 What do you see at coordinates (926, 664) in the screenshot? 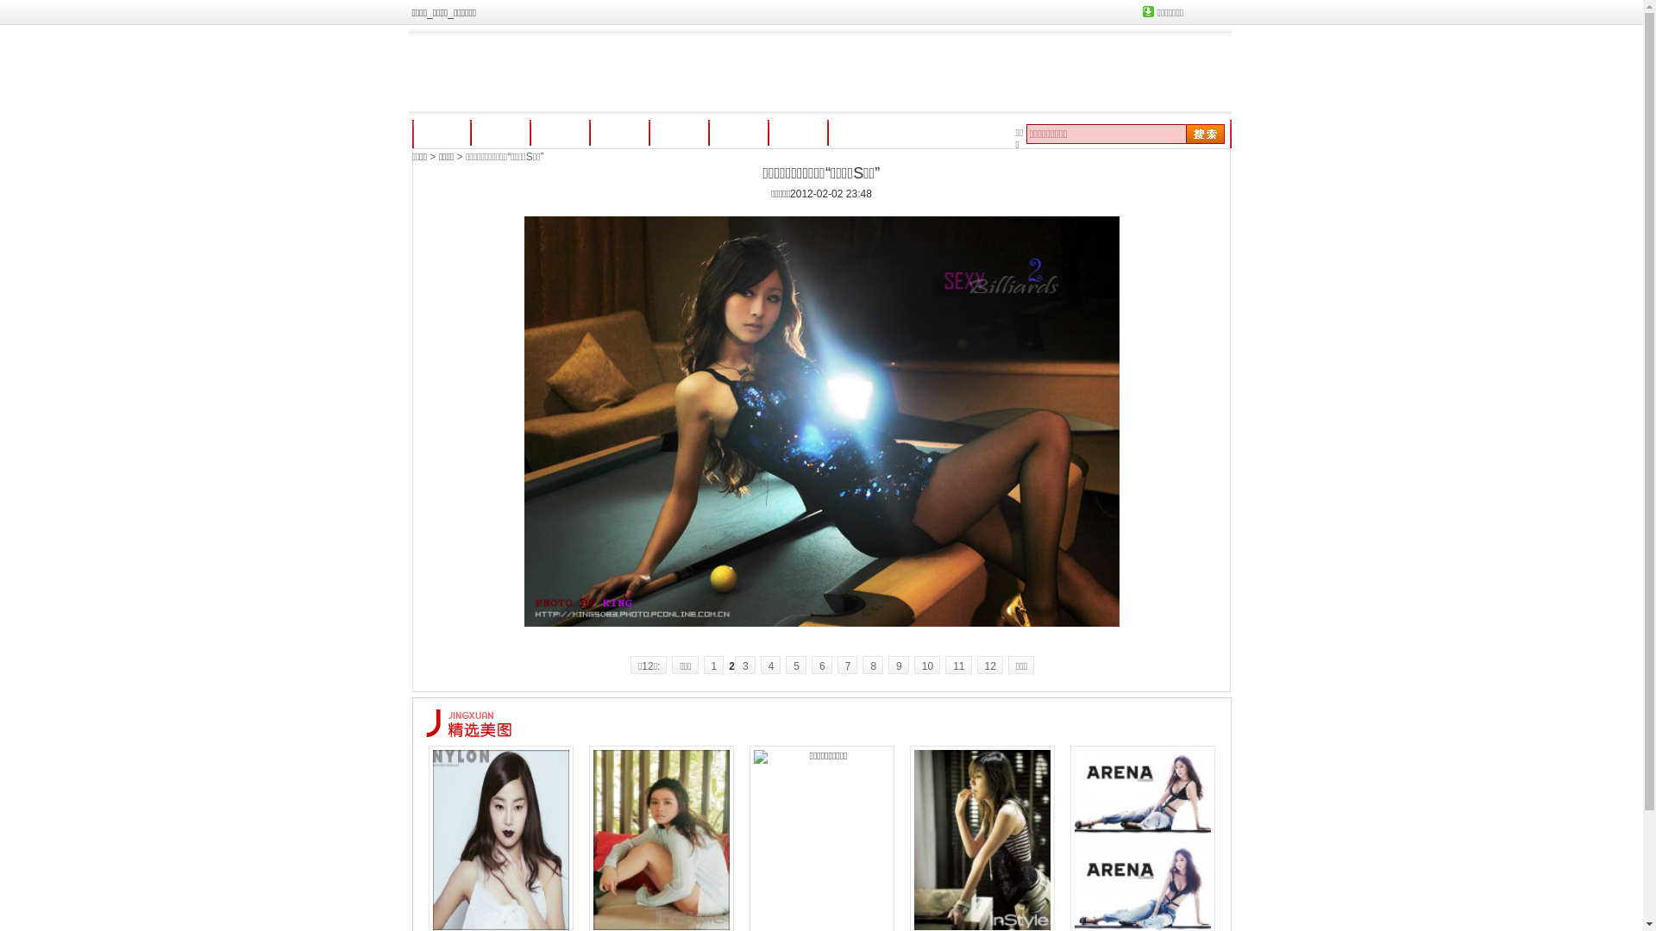
I see `'10'` at bounding box center [926, 664].